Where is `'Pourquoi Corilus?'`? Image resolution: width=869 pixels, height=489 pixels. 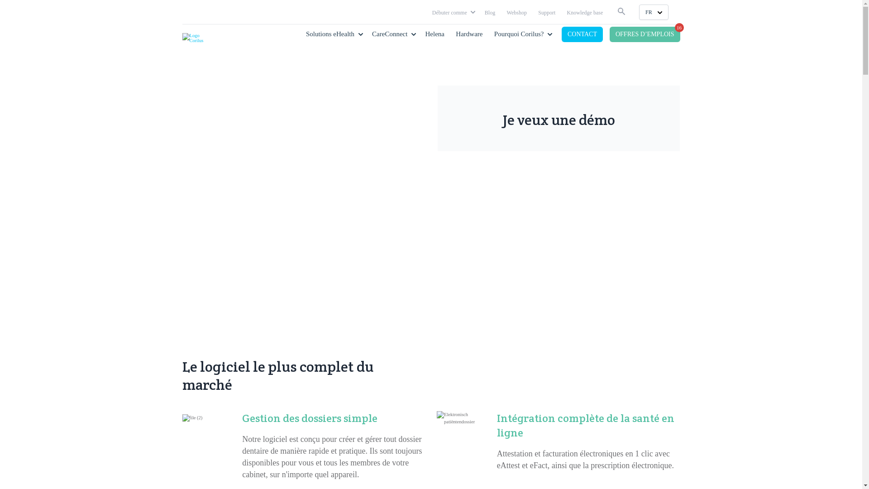
'Pourquoi Corilus?' is located at coordinates (519, 33).